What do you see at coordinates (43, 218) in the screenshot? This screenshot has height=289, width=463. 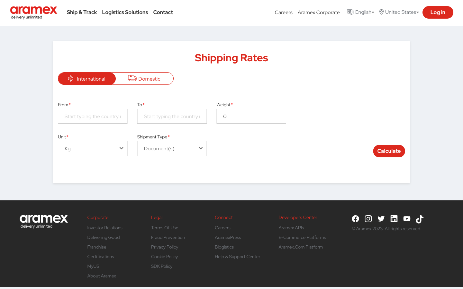 I see `Go back to the home page by clicking on the button in the lower left panel` at bounding box center [43, 218].